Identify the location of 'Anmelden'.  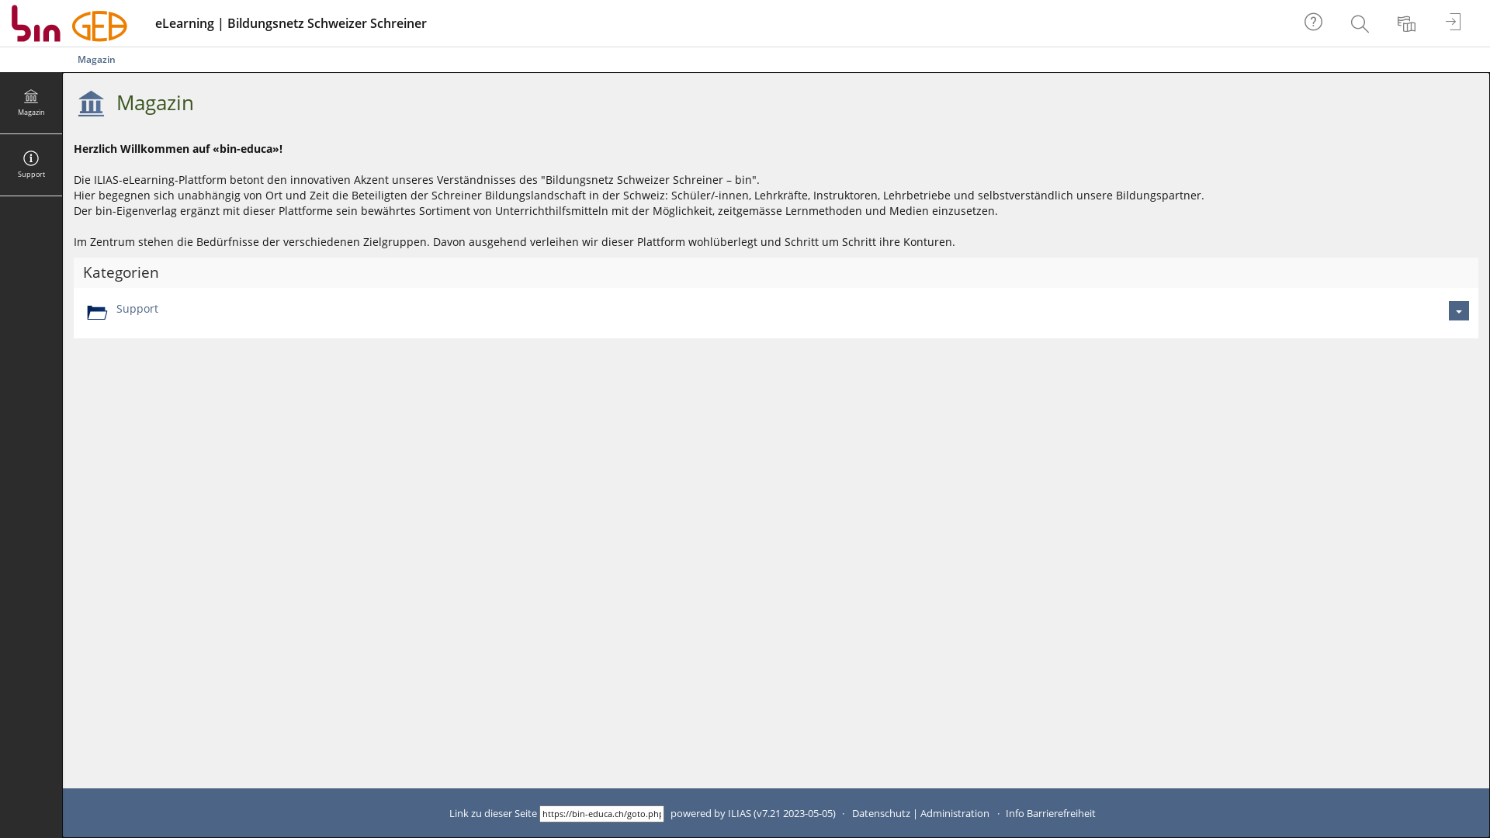
(1454, 23).